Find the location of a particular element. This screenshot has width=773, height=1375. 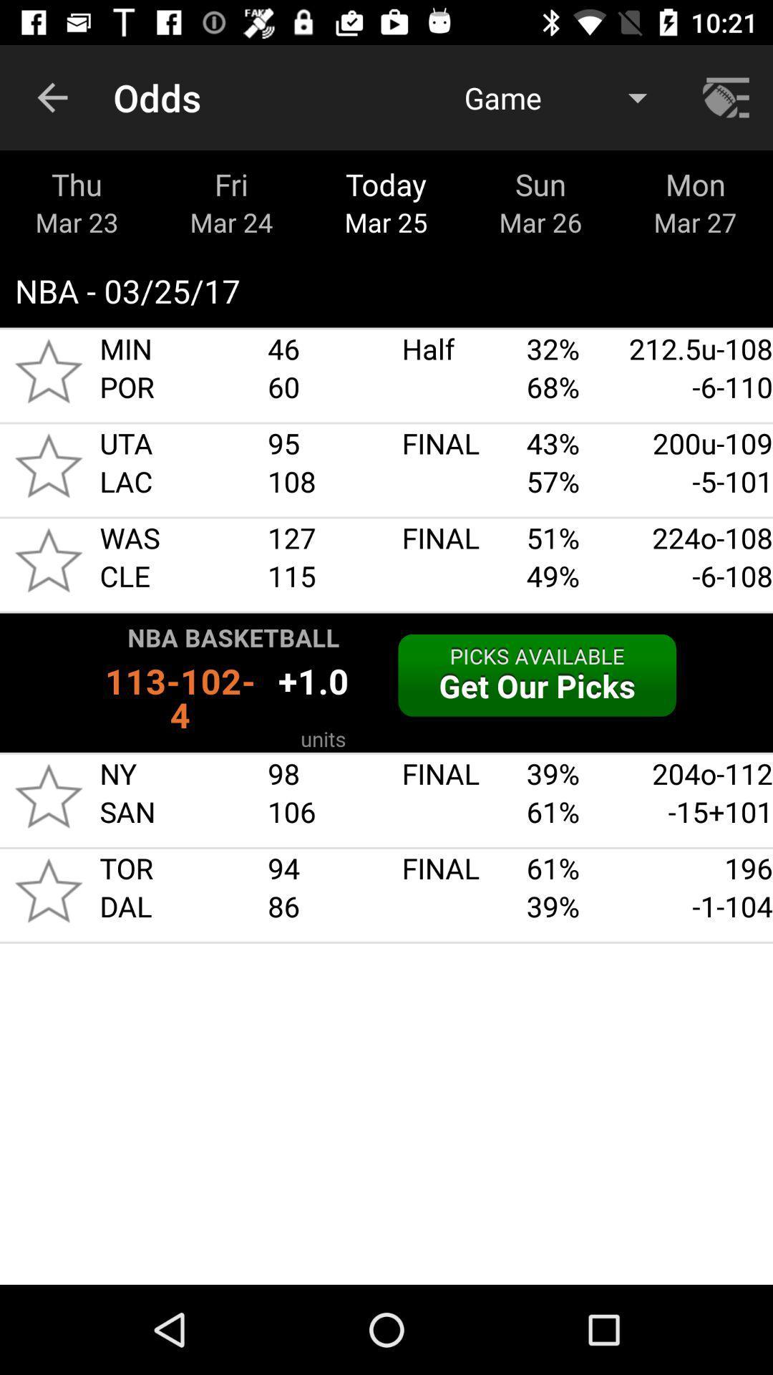

the game score is located at coordinates (48, 465).